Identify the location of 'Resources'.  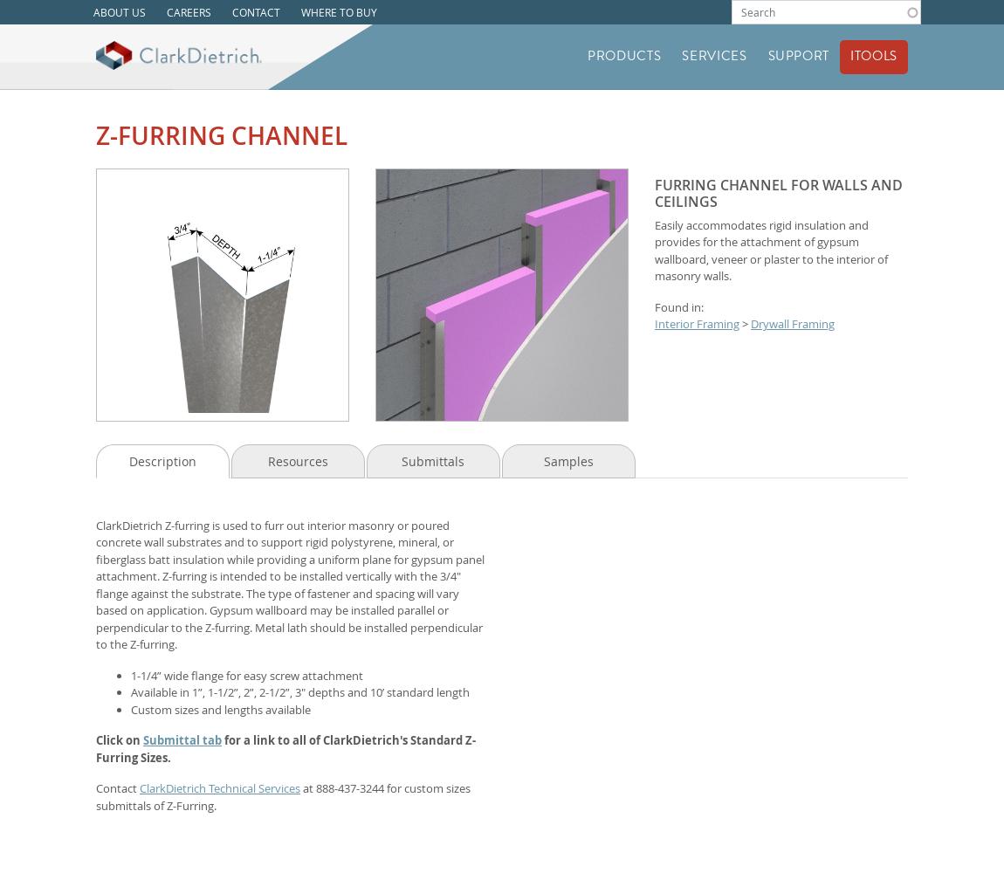
(297, 460).